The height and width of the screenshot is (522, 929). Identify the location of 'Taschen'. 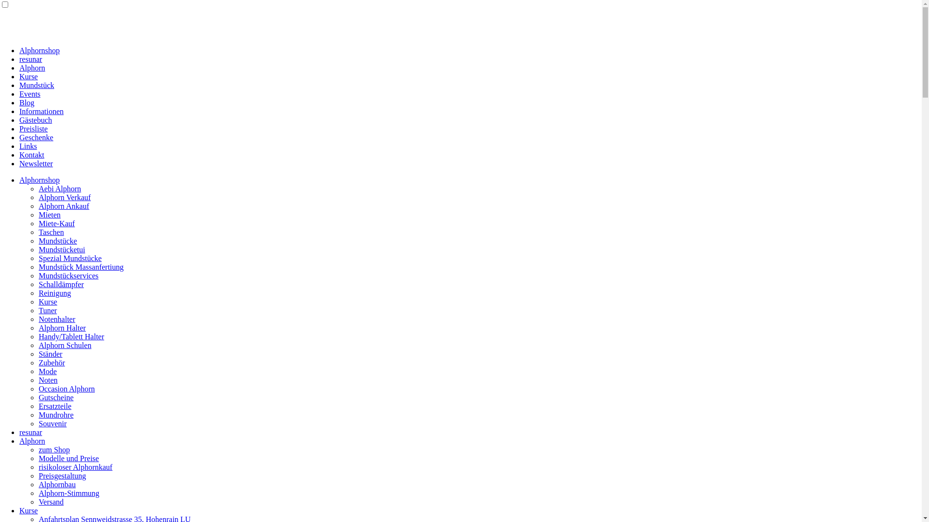
(50, 232).